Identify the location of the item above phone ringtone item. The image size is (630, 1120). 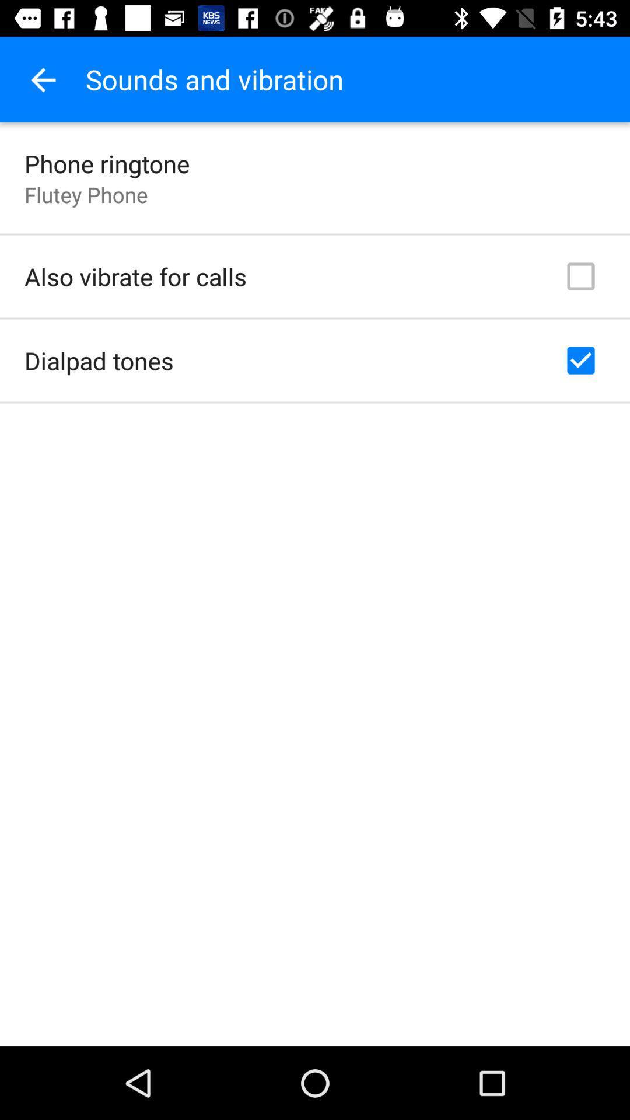
(42, 79).